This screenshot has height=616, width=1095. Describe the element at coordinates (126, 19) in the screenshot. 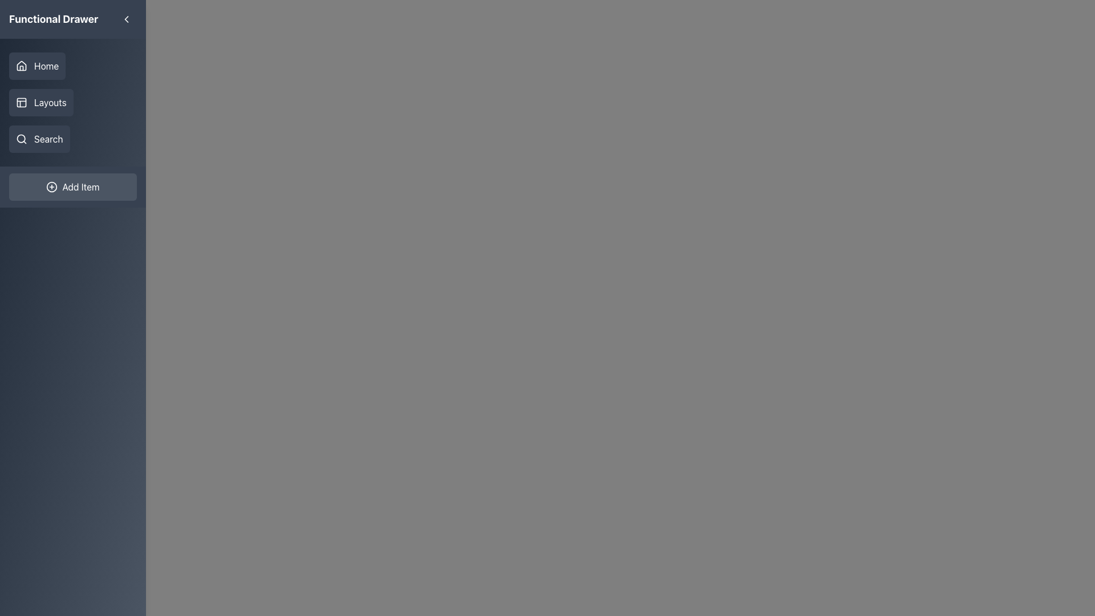

I see `the left-pointing chevron icon button located in the upper-right corner of the dark side navigation panel, adjacent to the title 'Functional Drawer'` at that location.